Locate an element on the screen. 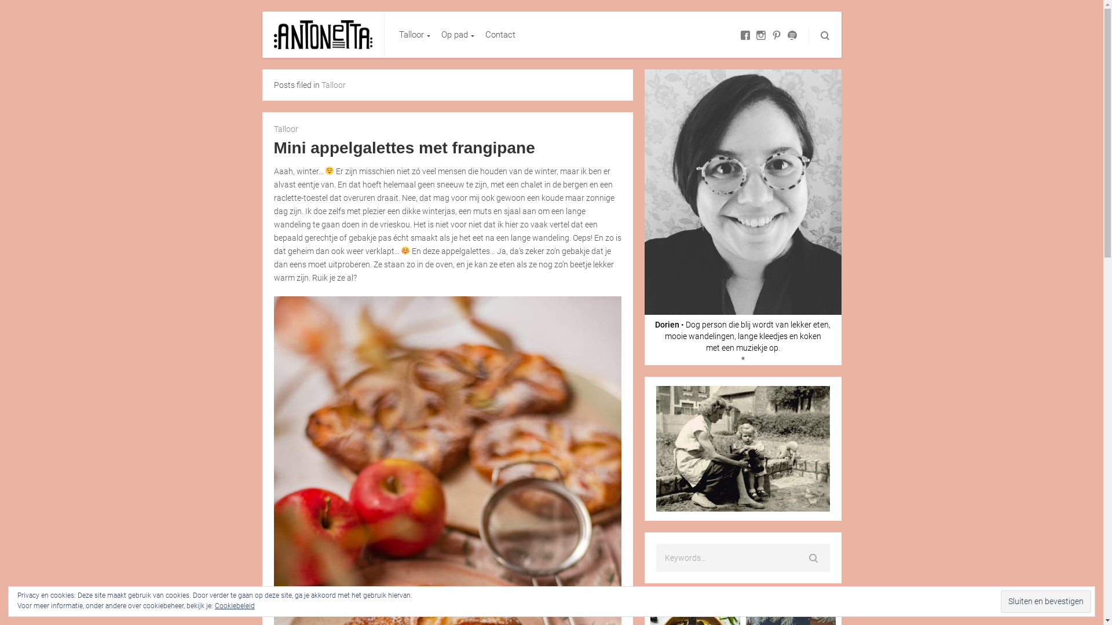  'Contact' is located at coordinates (485, 34).